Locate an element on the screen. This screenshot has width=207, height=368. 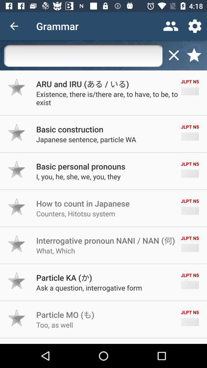
aru and iru to favorites is located at coordinates (17, 87).